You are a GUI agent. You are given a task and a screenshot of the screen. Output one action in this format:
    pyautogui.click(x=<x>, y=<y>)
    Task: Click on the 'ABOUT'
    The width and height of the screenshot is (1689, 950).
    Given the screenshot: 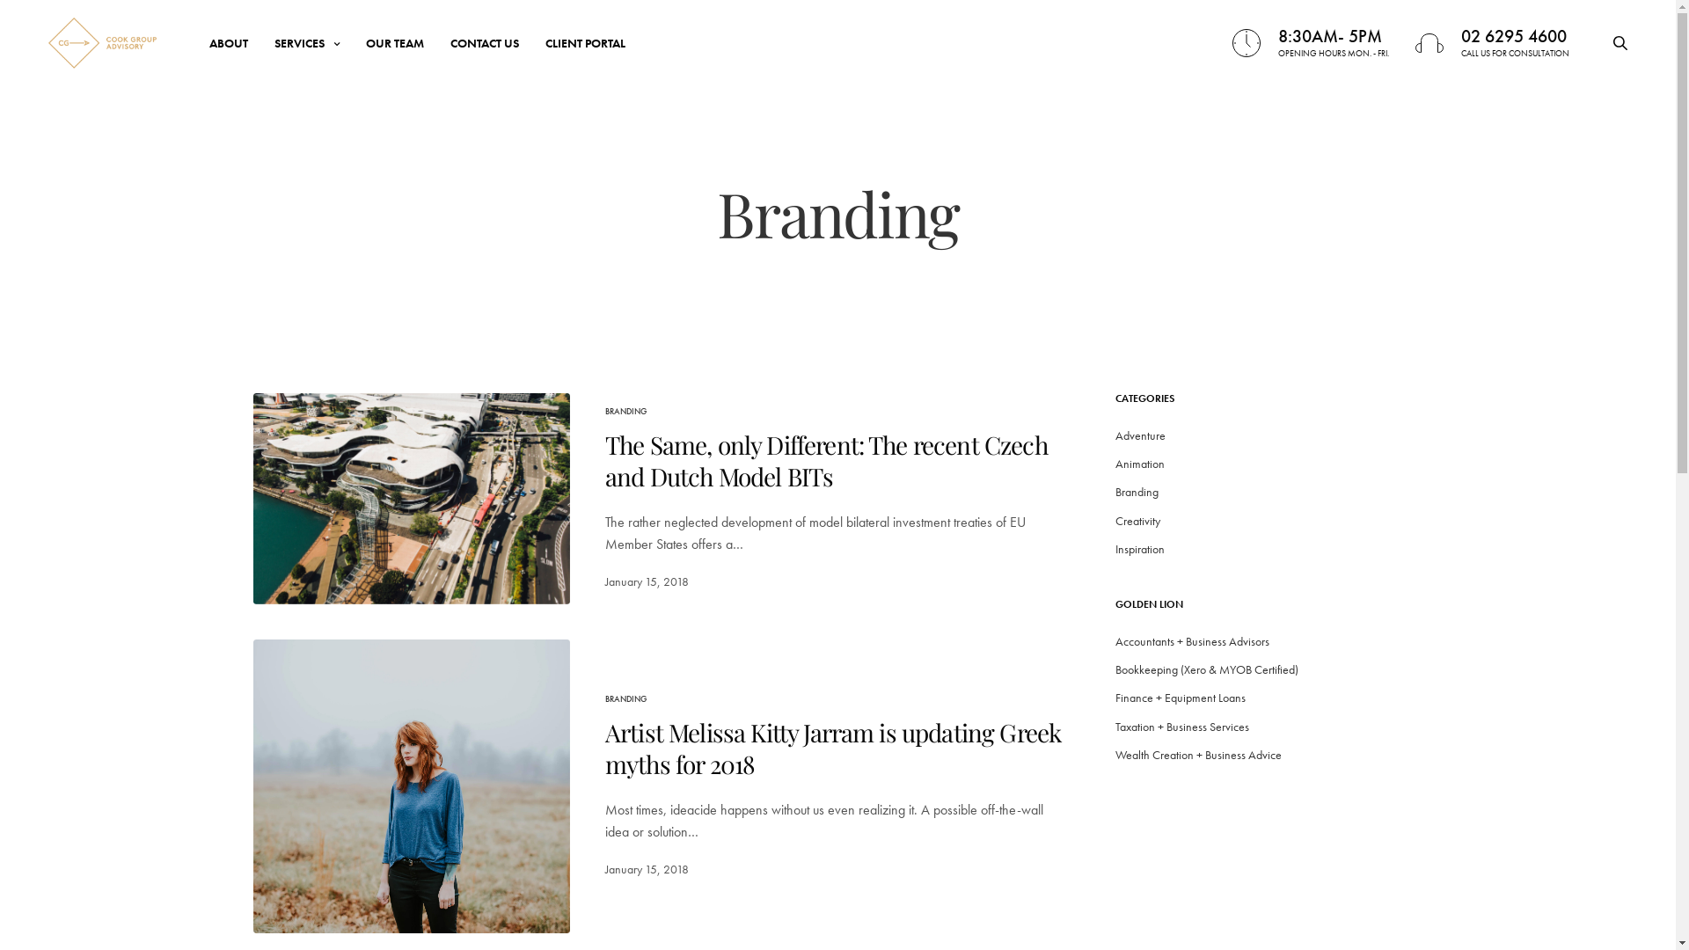 What is the action you would take?
    pyautogui.click(x=209, y=42)
    